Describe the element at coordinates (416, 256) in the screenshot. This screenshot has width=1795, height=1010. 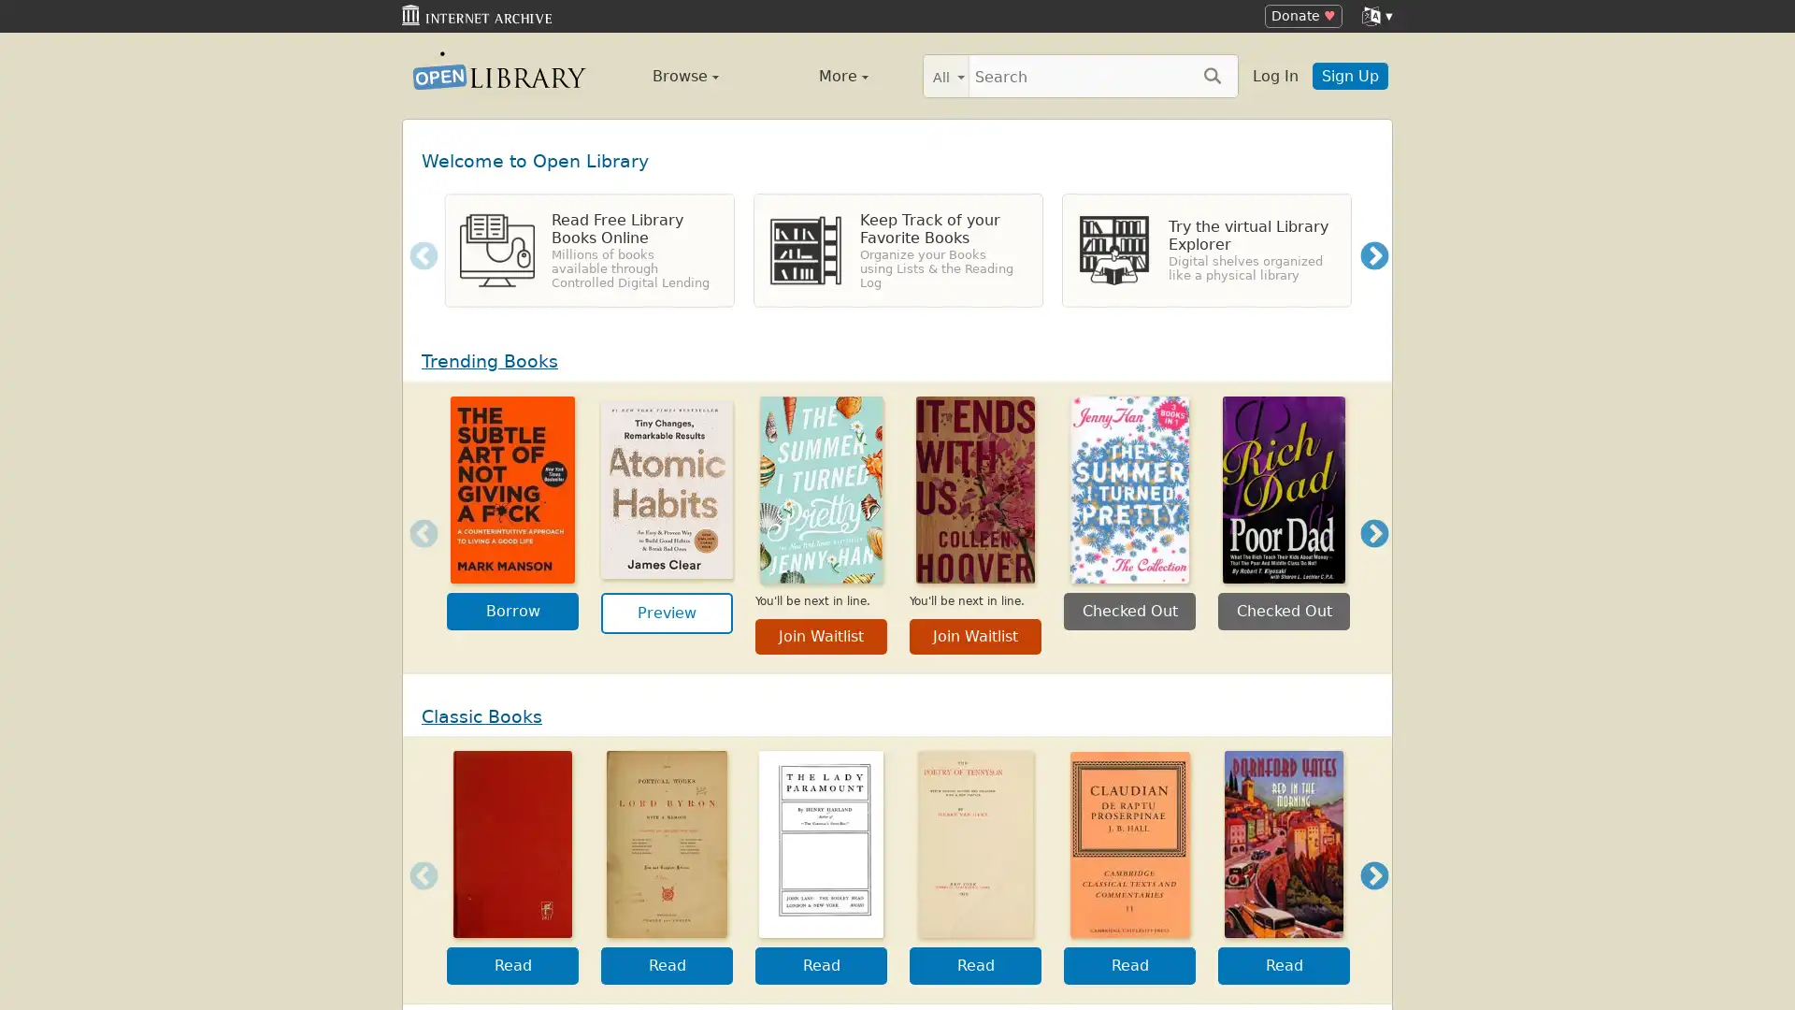
I see `Previous` at that location.